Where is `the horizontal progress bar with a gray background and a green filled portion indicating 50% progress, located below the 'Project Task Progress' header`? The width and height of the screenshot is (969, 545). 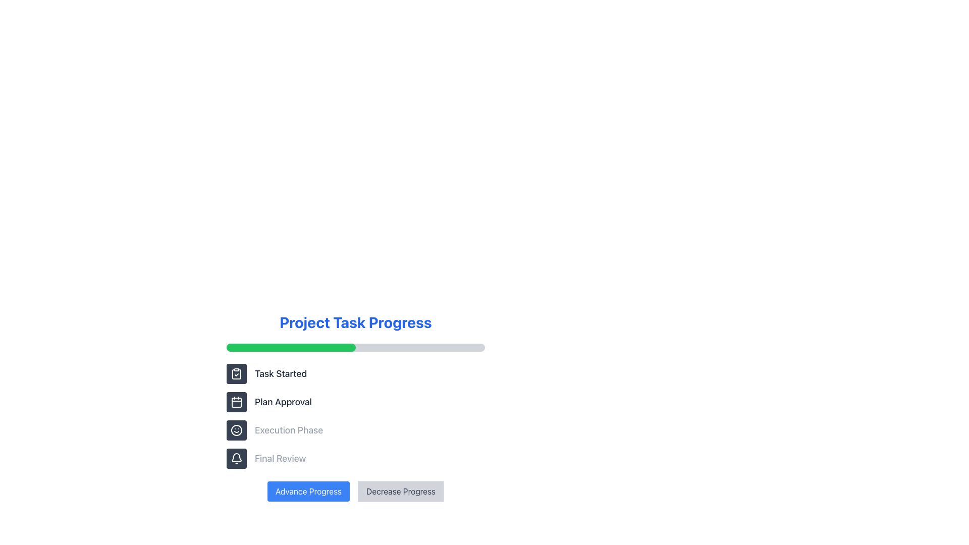
the horizontal progress bar with a gray background and a green filled portion indicating 50% progress, located below the 'Project Task Progress' header is located at coordinates (356, 347).